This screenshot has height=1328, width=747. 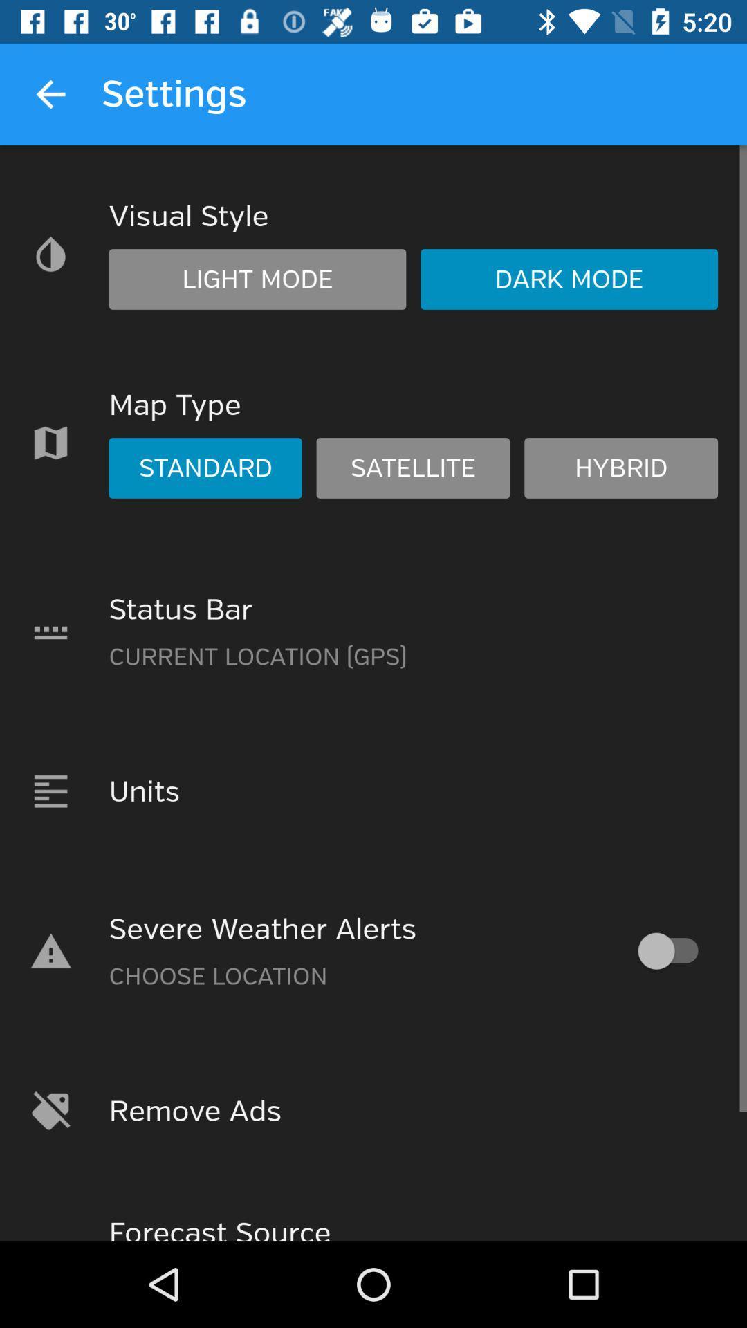 I want to click on the icon left to visual style, so click(x=50, y=254).